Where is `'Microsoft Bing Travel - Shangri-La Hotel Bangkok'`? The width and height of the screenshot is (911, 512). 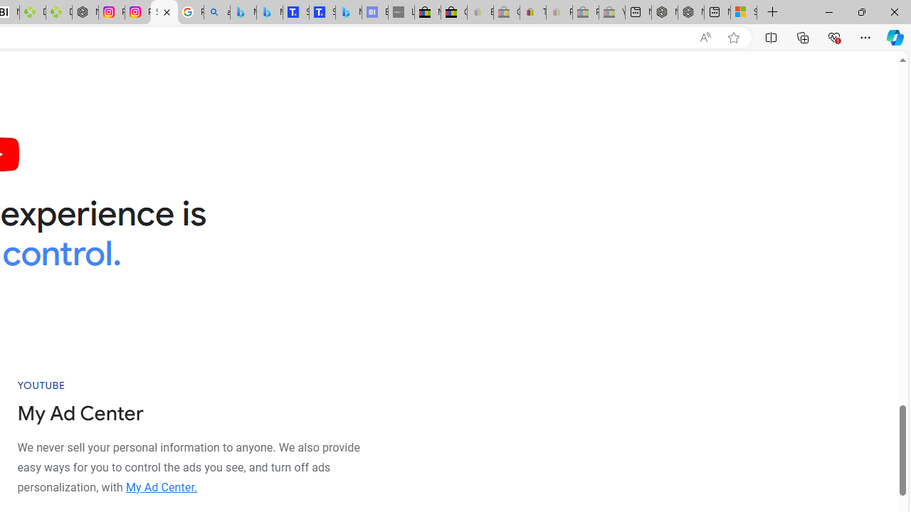
'Microsoft Bing Travel - Shangri-La Hotel Bangkok' is located at coordinates (349, 12).